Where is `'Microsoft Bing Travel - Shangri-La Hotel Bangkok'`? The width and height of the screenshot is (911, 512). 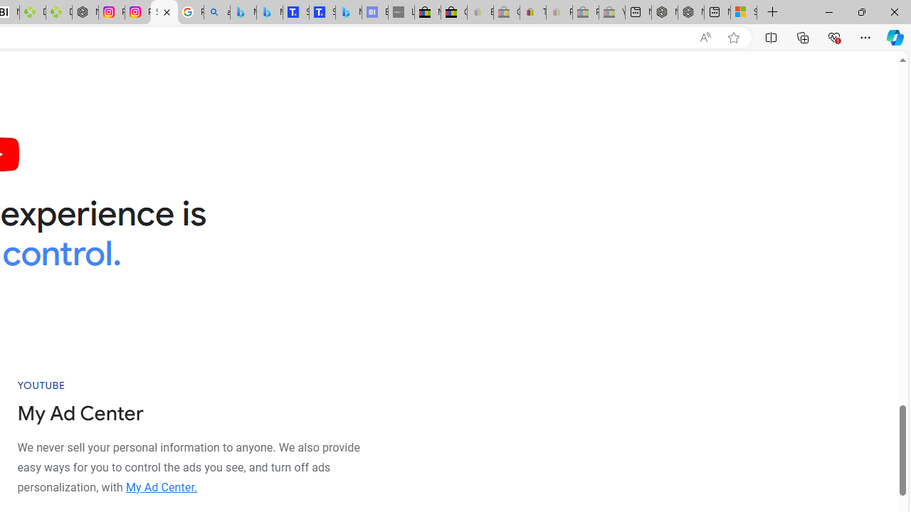
'Microsoft Bing Travel - Shangri-La Hotel Bangkok' is located at coordinates (349, 12).